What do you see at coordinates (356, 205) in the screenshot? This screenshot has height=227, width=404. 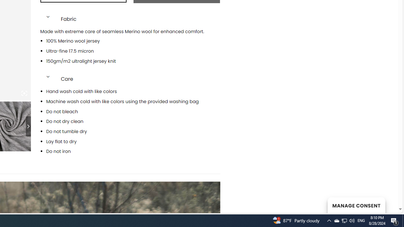 I see `'MANAGE CONSENT'` at bounding box center [356, 205].